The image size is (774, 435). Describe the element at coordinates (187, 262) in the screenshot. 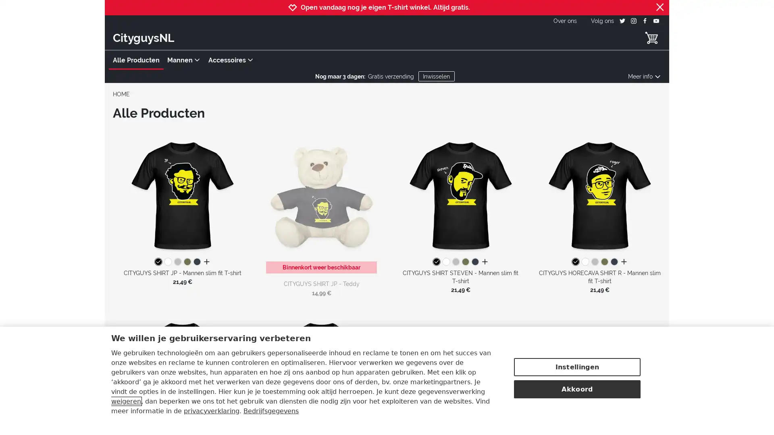

I see `kakigroen` at that location.